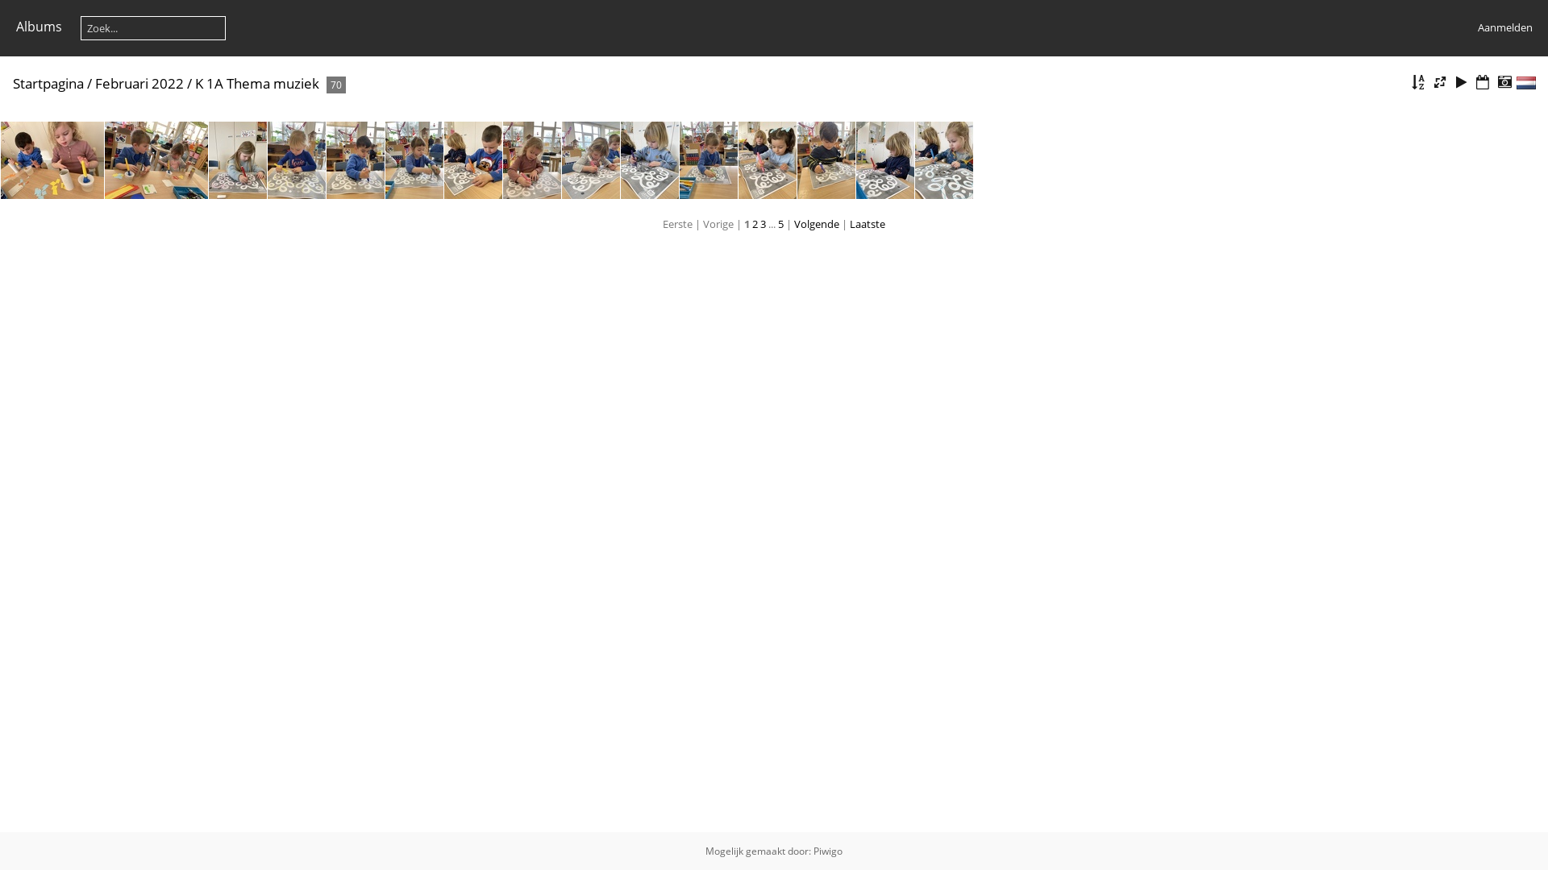 This screenshot has height=870, width=1548. Describe the element at coordinates (39, 27) in the screenshot. I see `'Albums'` at that location.